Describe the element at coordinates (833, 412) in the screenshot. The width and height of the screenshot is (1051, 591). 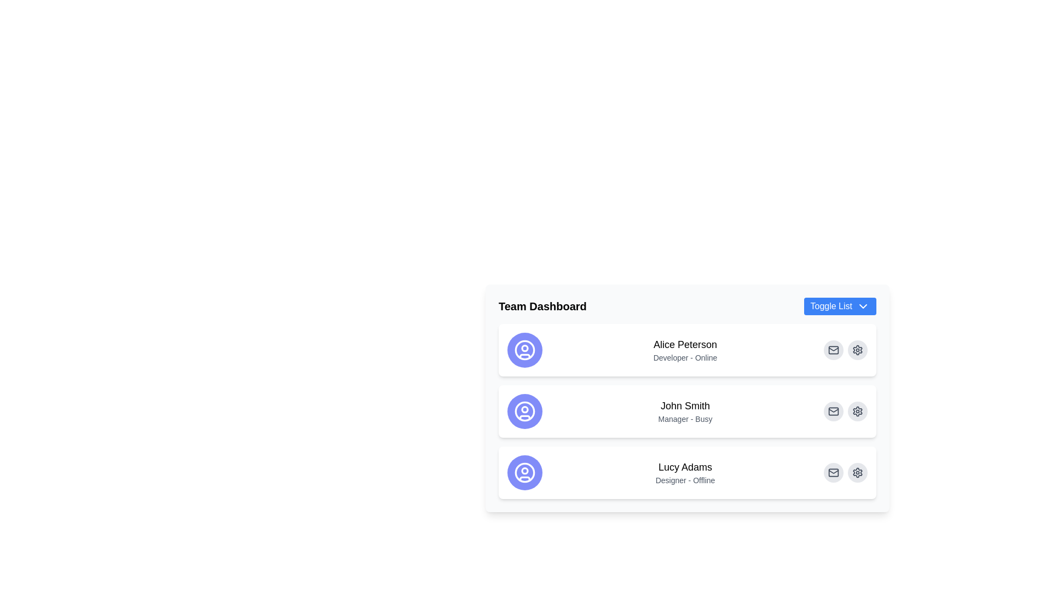
I see `the circular button with a light gray background and a mail icon in the center, located in the section for 'John Smith, Manager - Busy'` at that location.